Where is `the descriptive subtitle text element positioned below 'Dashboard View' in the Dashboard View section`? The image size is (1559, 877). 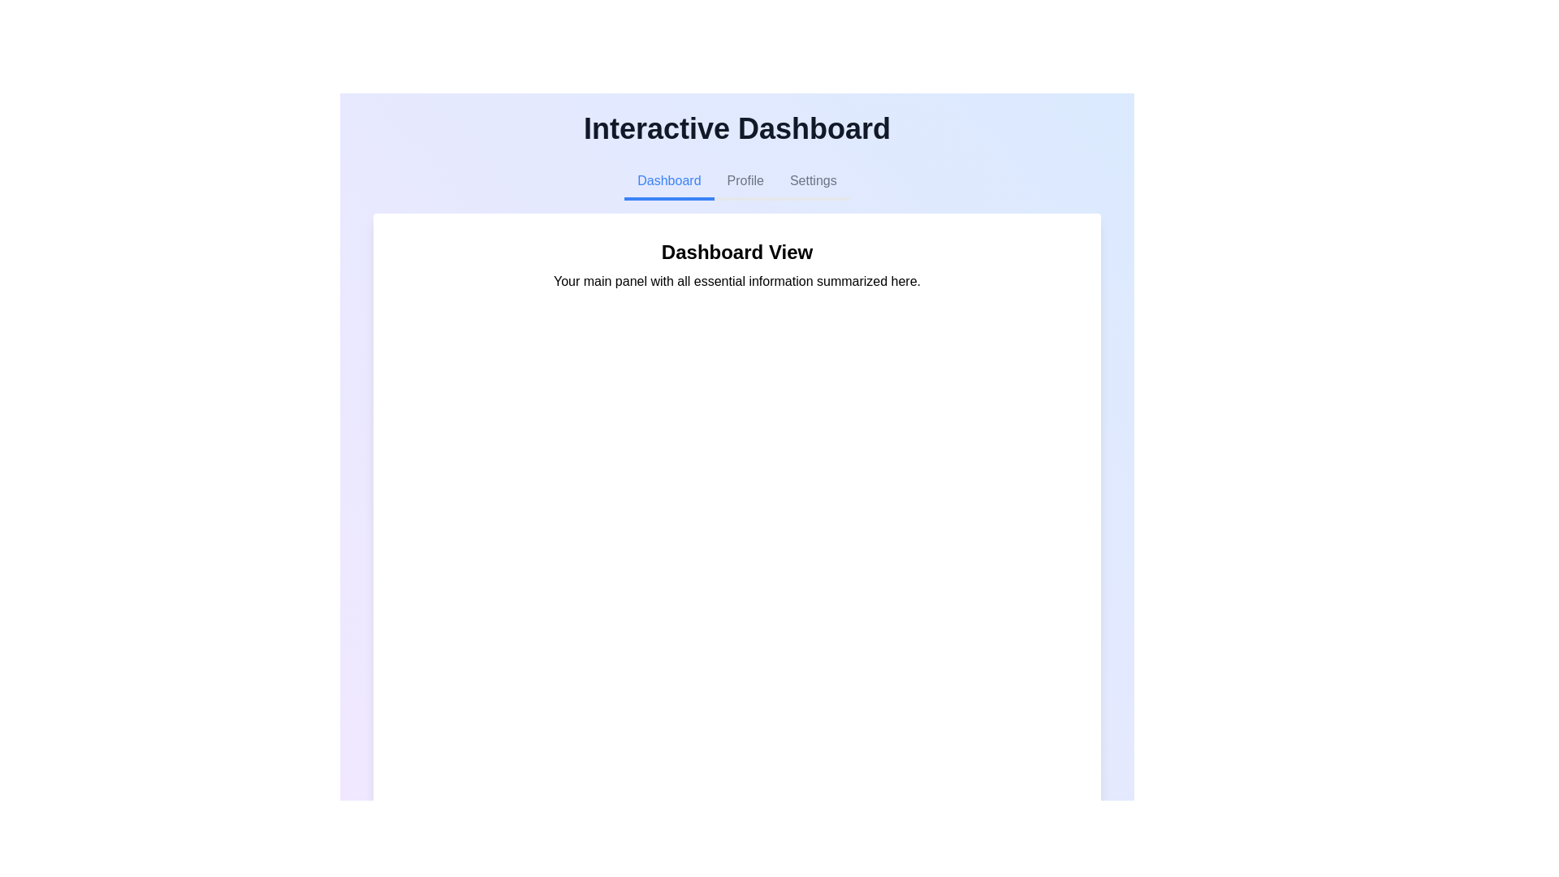
the descriptive subtitle text element positioned below 'Dashboard View' in the Dashboard View section is located at coordinates (736, 281).